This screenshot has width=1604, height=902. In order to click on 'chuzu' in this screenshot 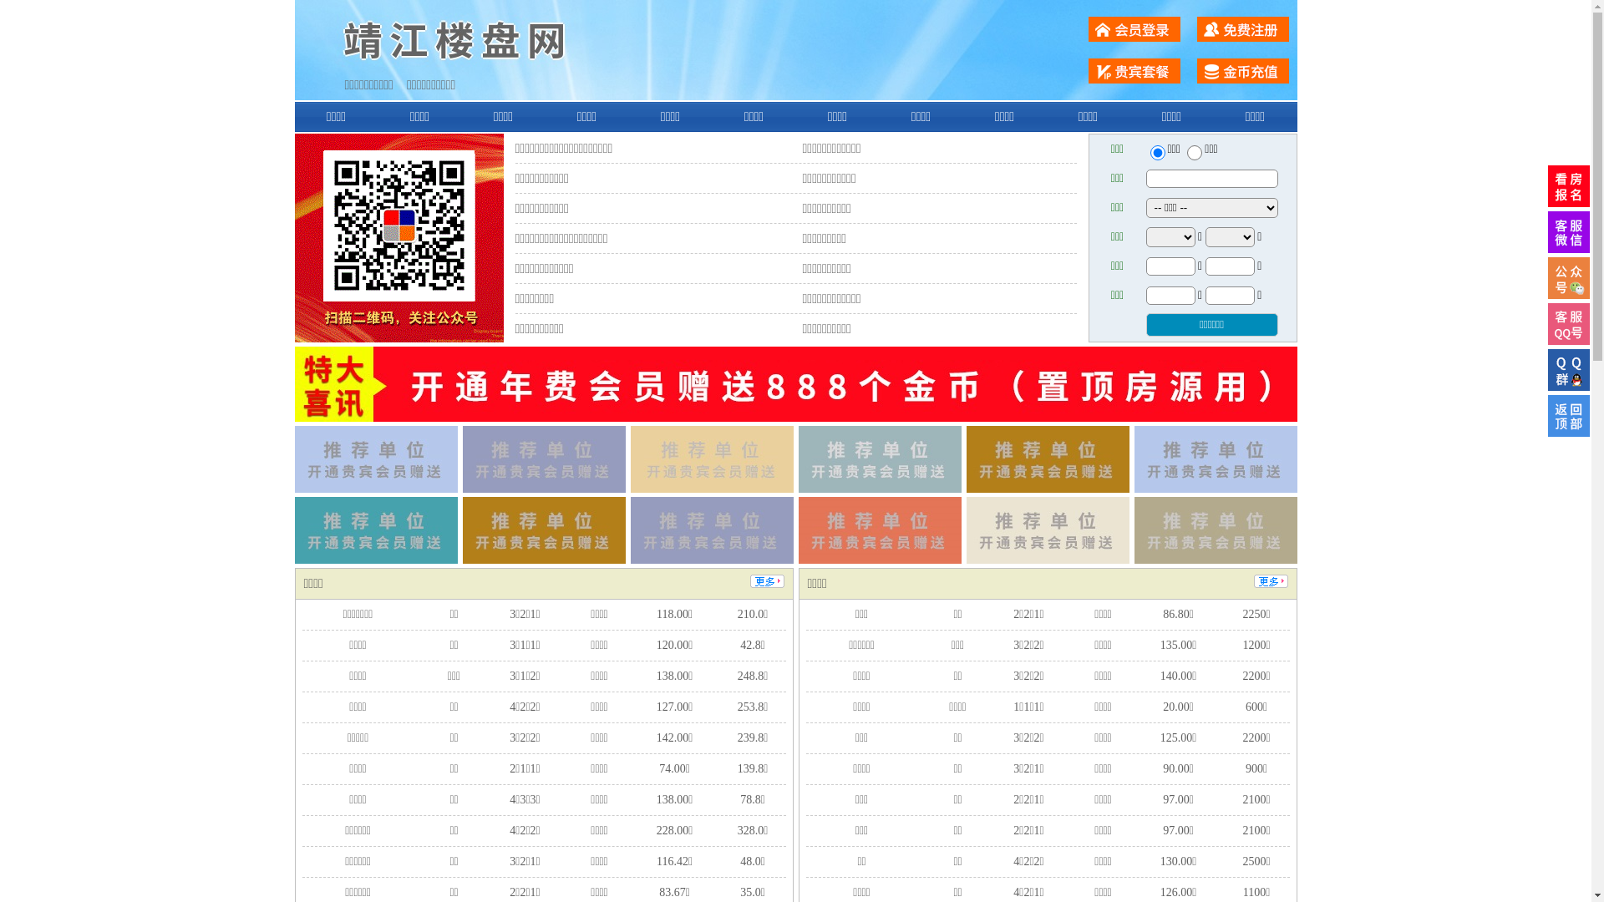, I will do `click(1185, 152)`.